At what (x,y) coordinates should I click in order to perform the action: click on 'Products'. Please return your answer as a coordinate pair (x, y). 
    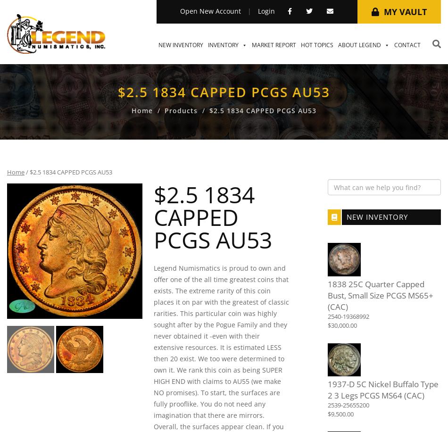
    Looking at the image, I should click on (180, 110).